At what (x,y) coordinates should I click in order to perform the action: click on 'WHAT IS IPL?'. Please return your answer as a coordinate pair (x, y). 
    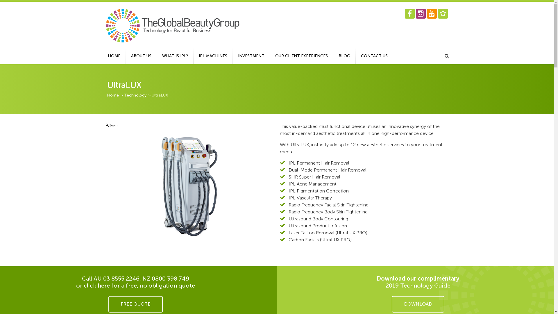
    Looking at the image, I should click on (175, 56).